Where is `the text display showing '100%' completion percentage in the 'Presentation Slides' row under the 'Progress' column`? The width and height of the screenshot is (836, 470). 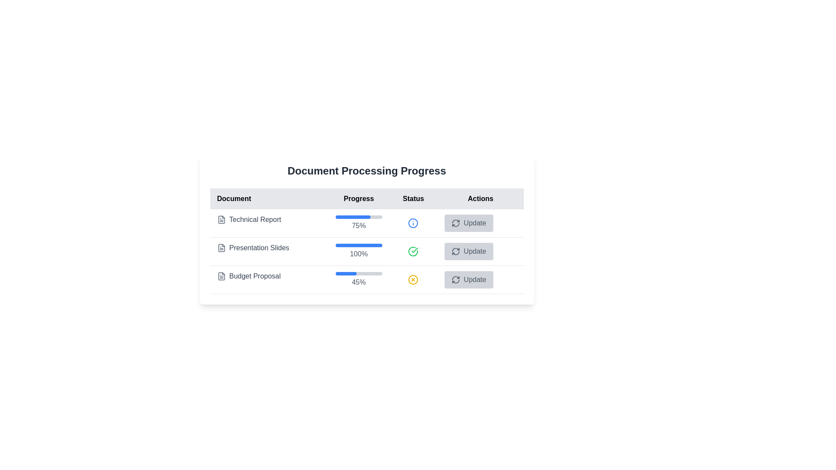 the text display showing '100%' completion percentage in the 'Presentation Slides' row under the 'Progress' column is located at coordinates (359, 252).